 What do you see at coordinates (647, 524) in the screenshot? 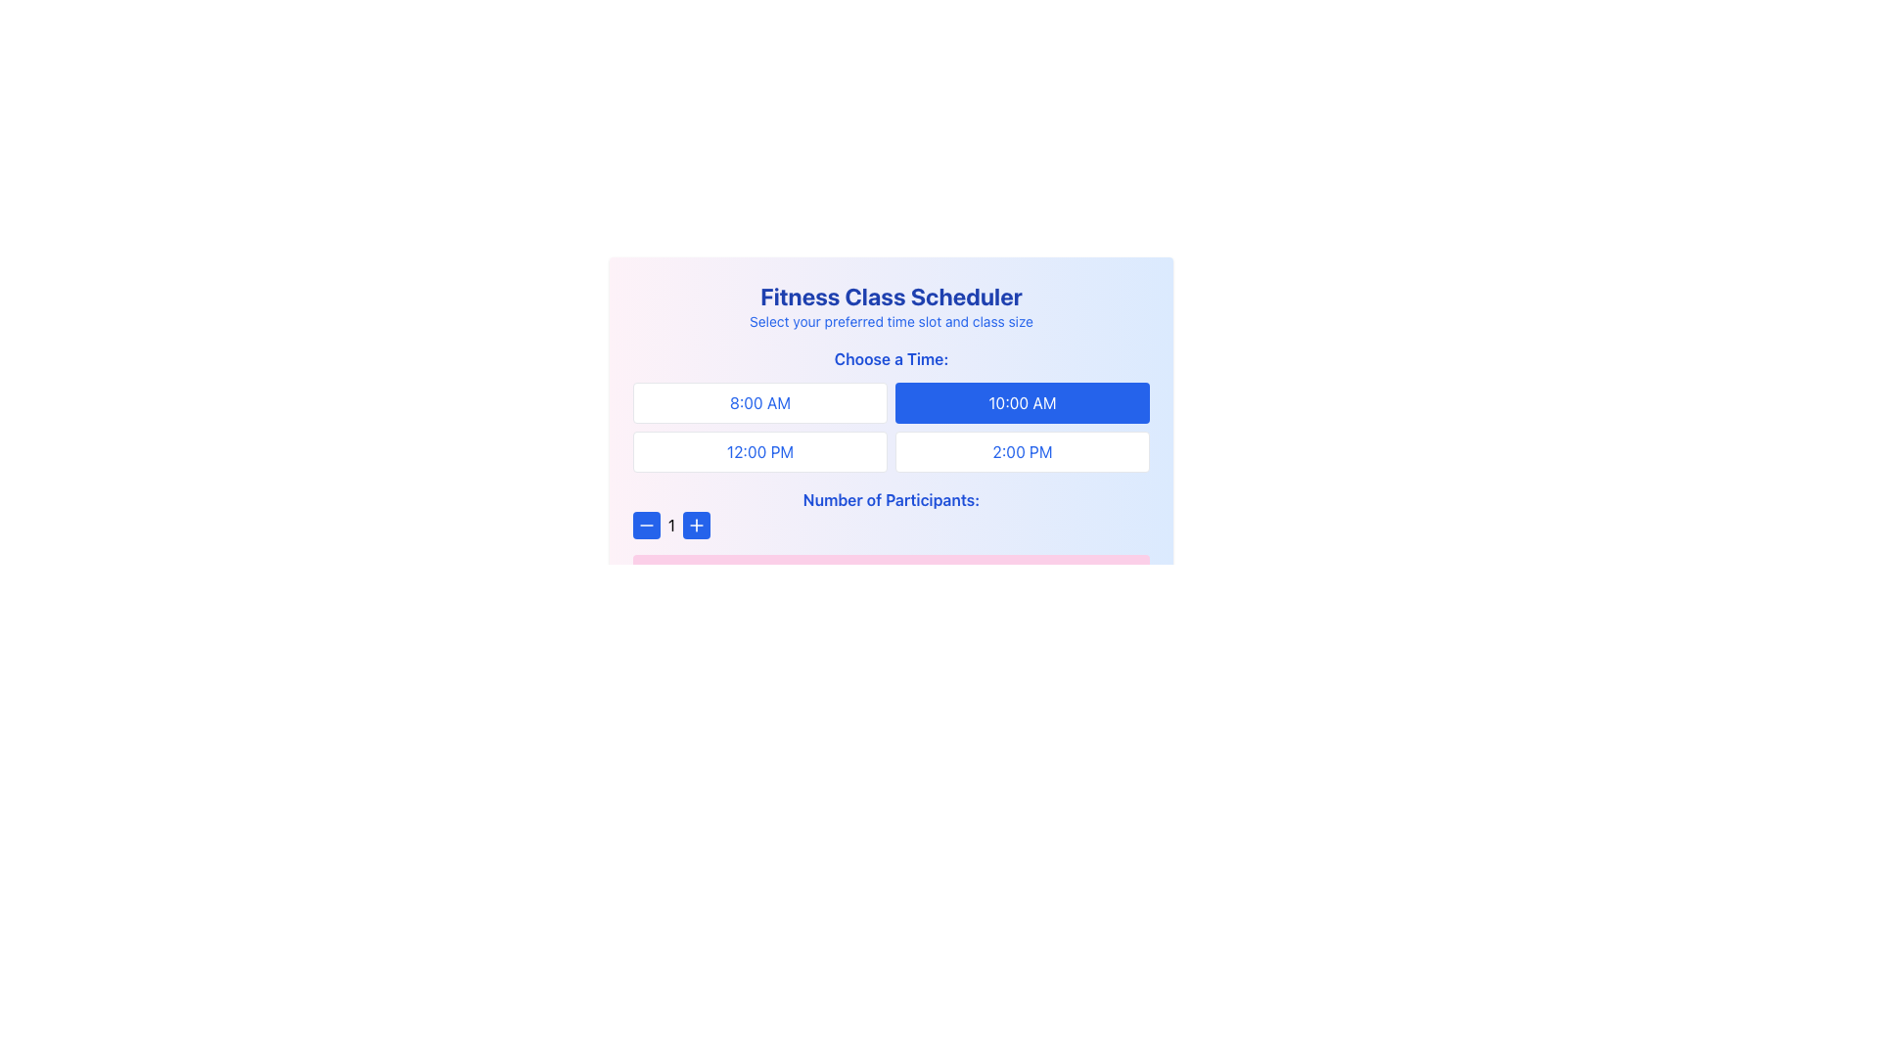
I see `the blue circular button icon representing the decrement action to decrease the number of participants` at bounding box center [647, 524].